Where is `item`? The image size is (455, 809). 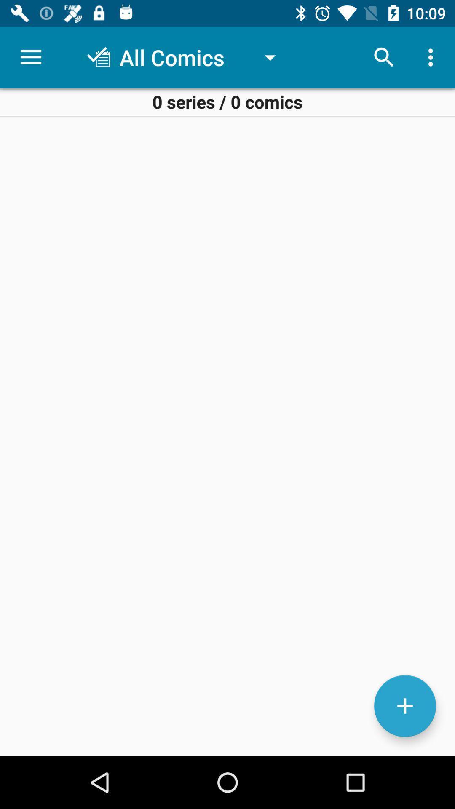 item is located at coordinates (404, 706).